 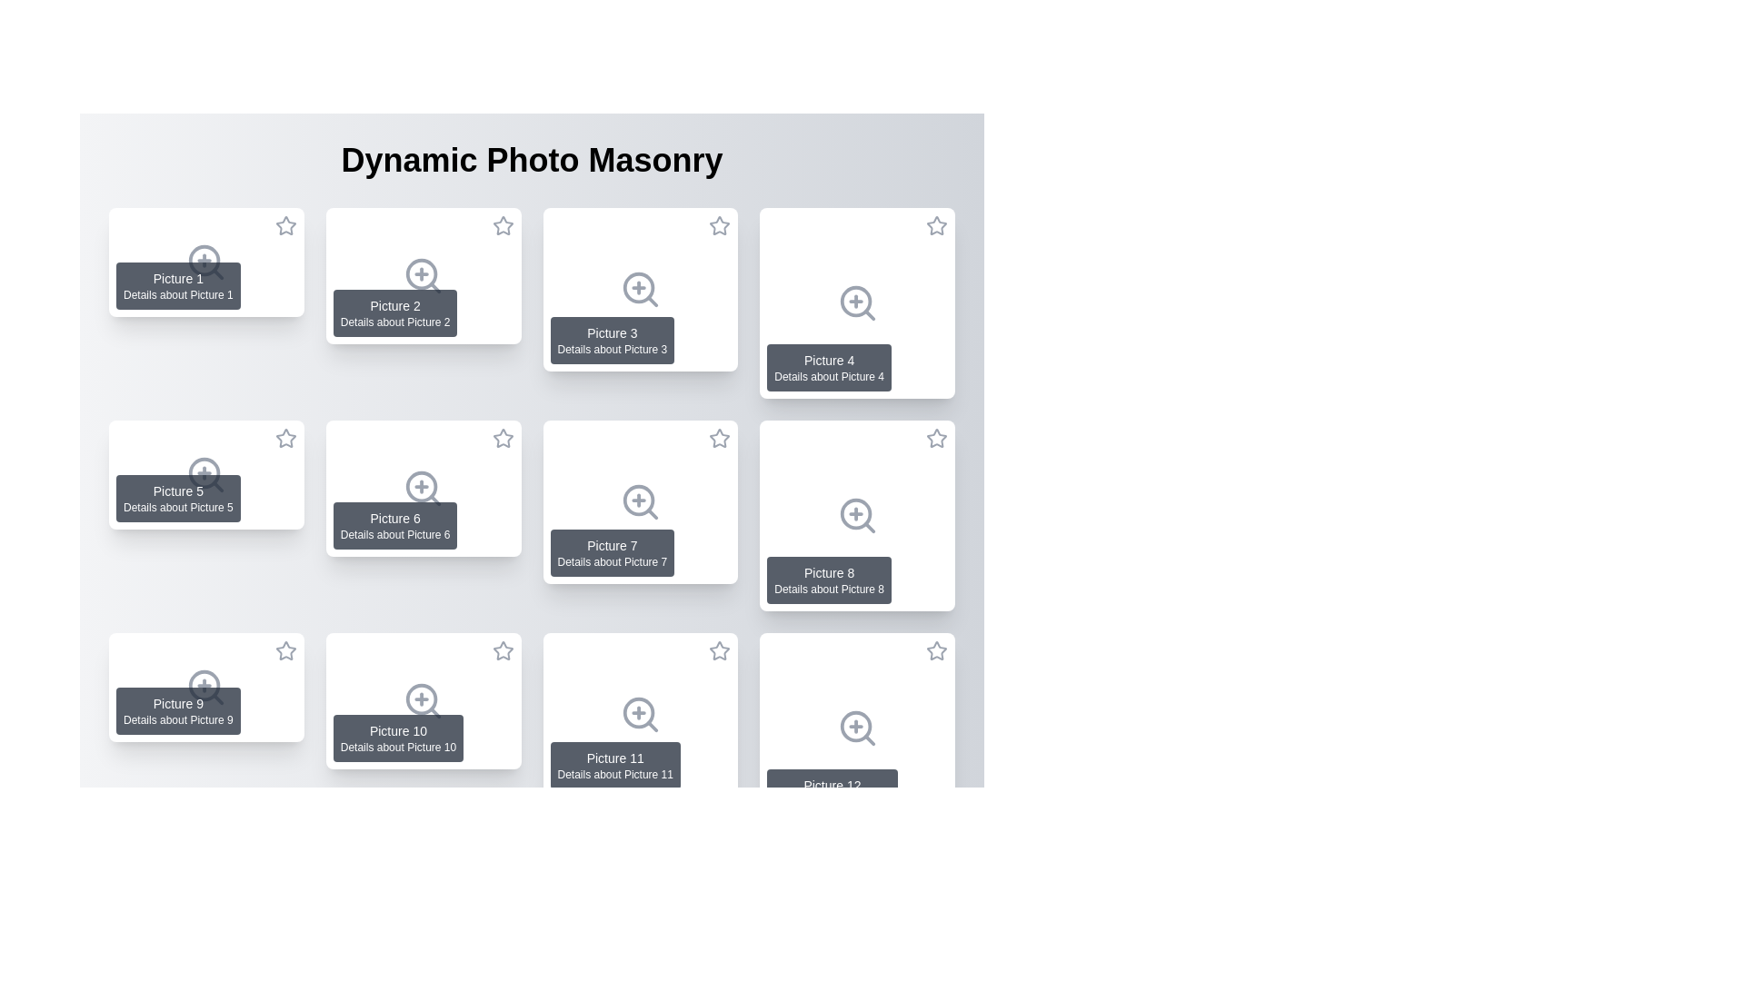 I want to click on the magnifying glass icon on the interactive visual card located in the third row and third column of the grid layout, so click(x=640, y=501).